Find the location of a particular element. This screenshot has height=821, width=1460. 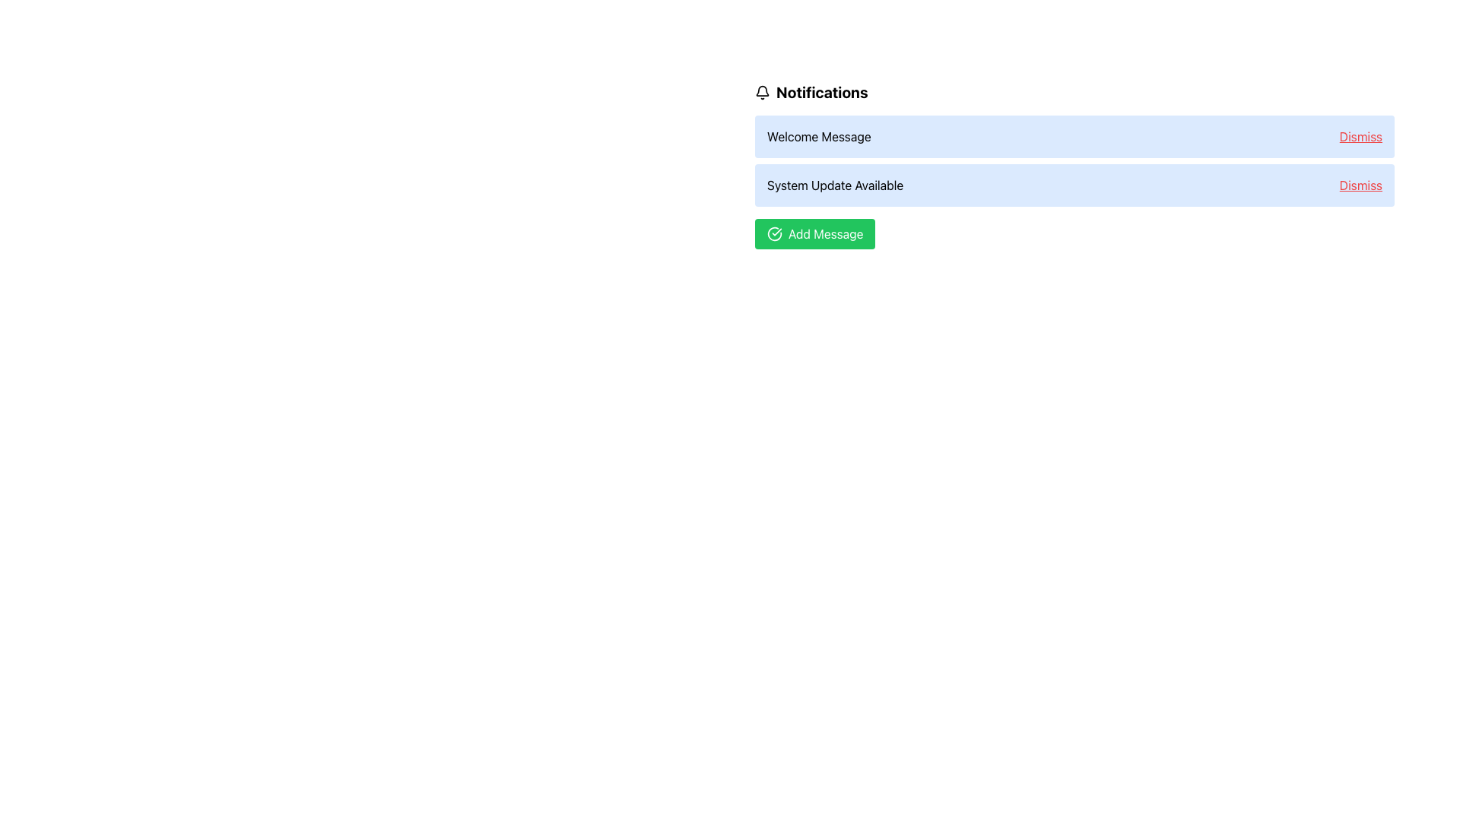

the button located at the bottom of the notification interface, directly beneath the 'System Update Available' notification is located at coordinates (814, 234).